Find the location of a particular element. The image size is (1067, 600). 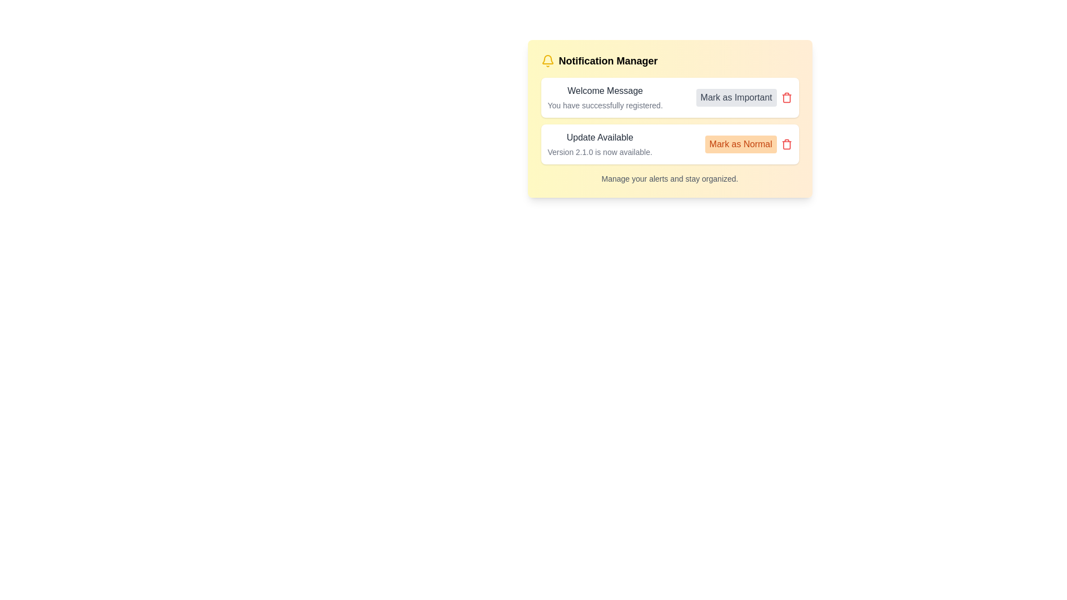

the delete button located in the bottom row of the notification panel, which is the second icon to the right of the 'Mark as Normal' button is located at coordinates (786, 143).